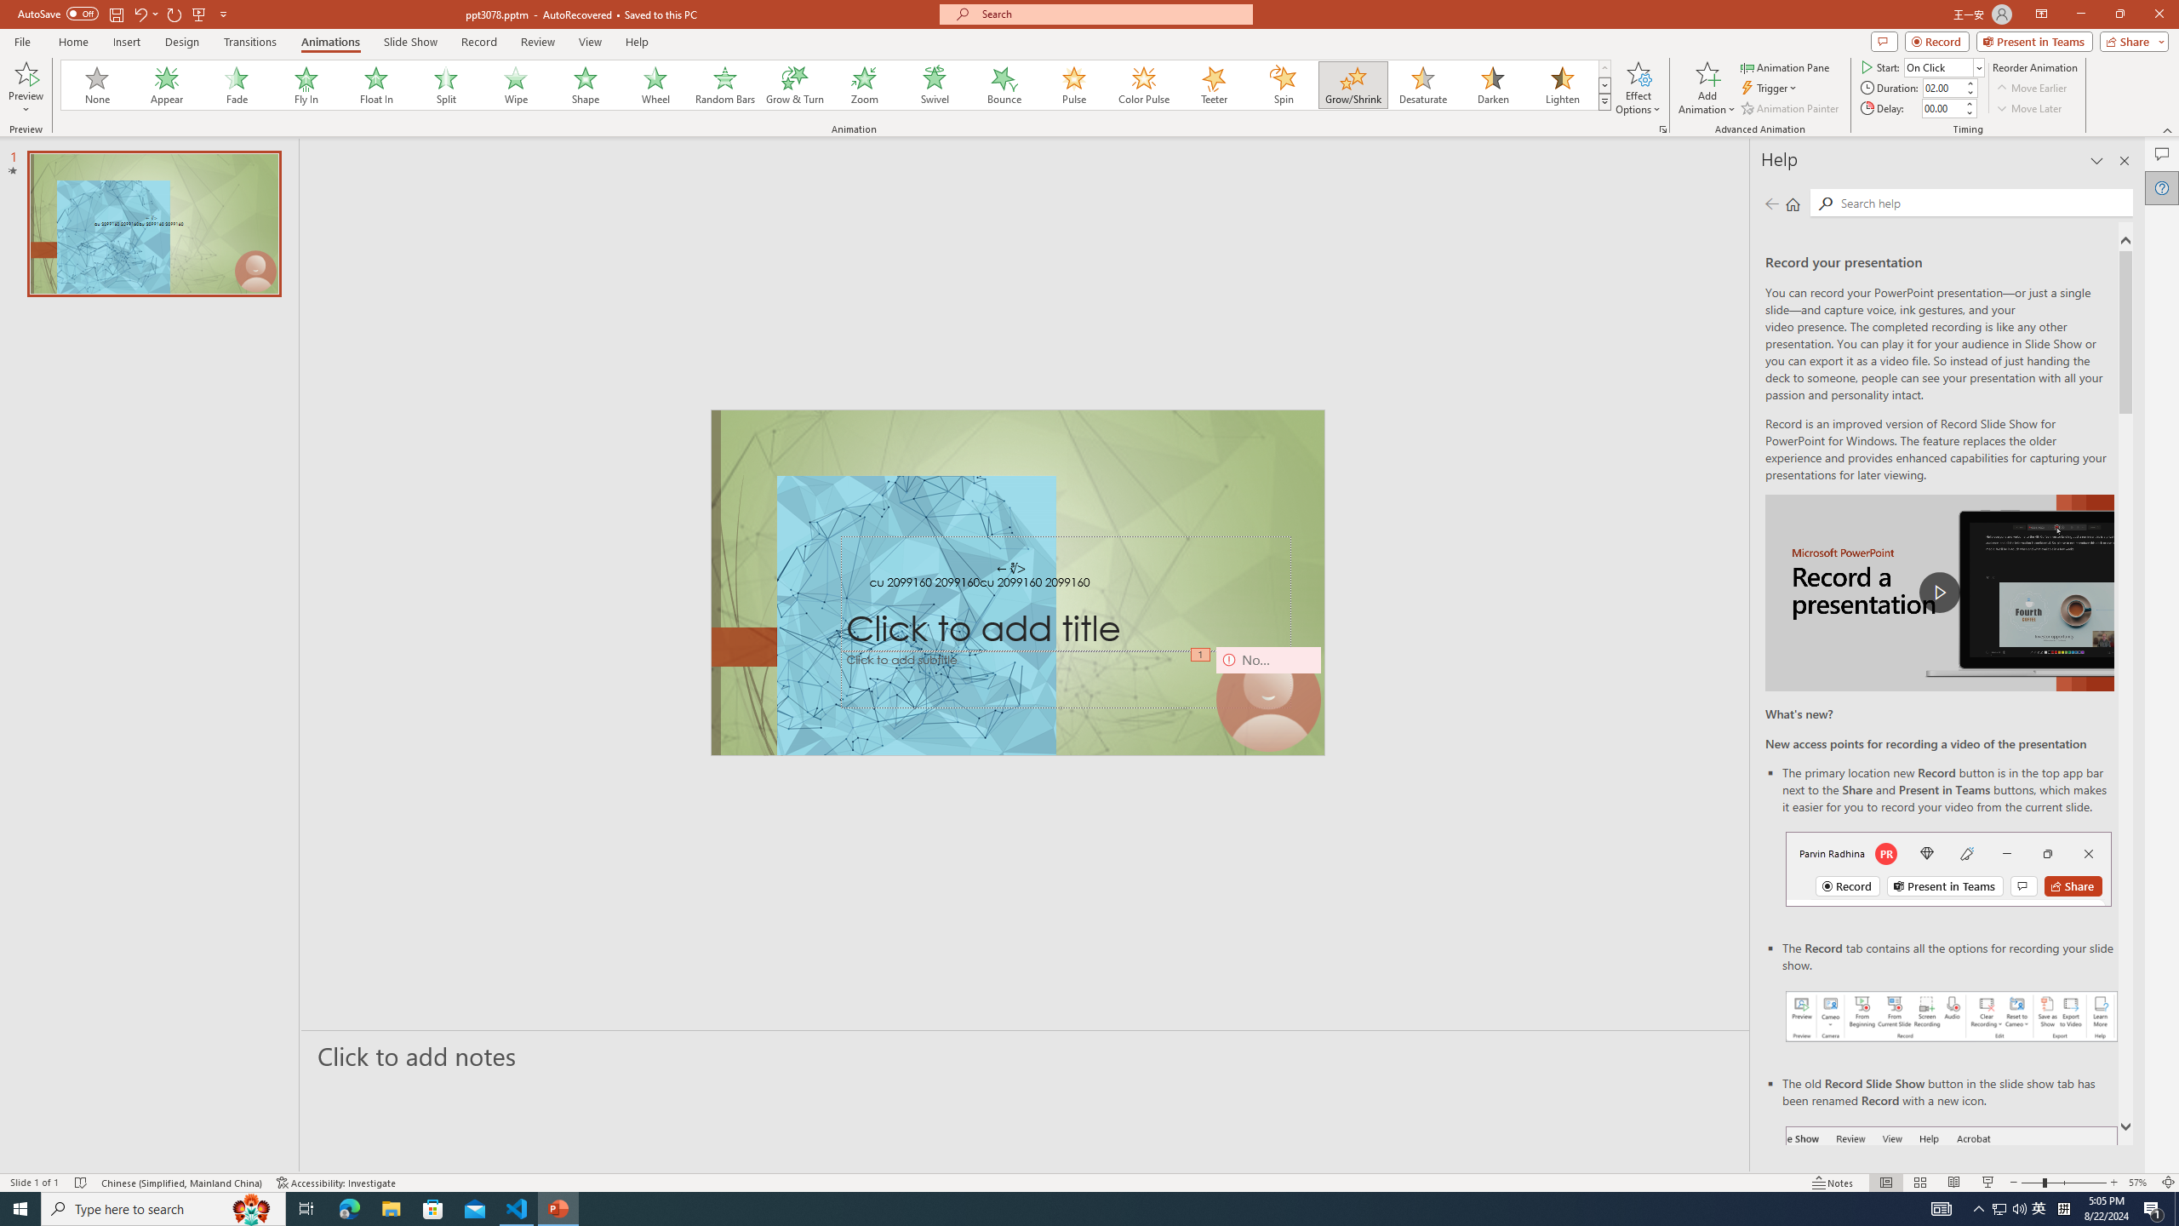 This screenshot has height=1226, width=2179. I want to click on 'Shape', so click(586, 84).